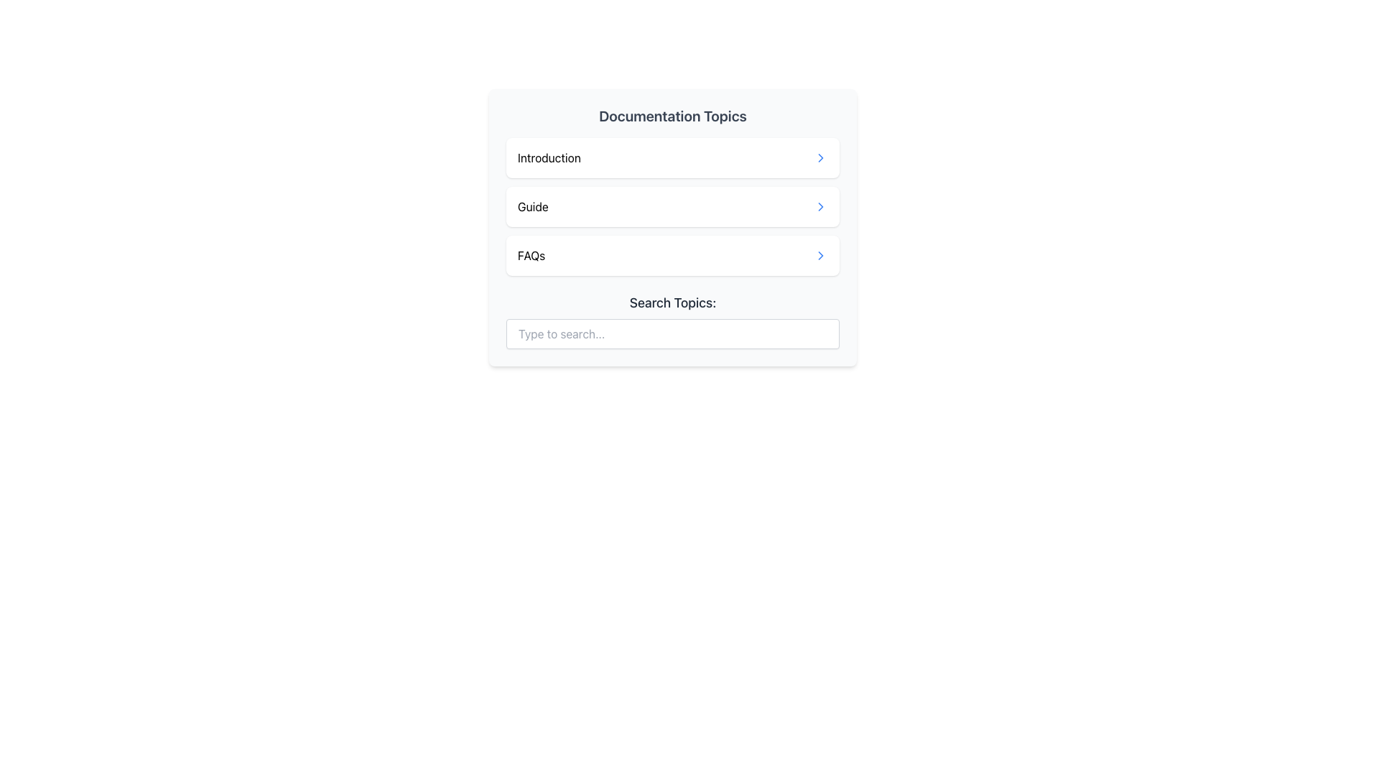  What do you see at coordinates (672, 207) in the screenshot?
I see `the interactive card labeled 'Guide' located in the 'Documentation Topics' section` at bounding box center [672, 207].